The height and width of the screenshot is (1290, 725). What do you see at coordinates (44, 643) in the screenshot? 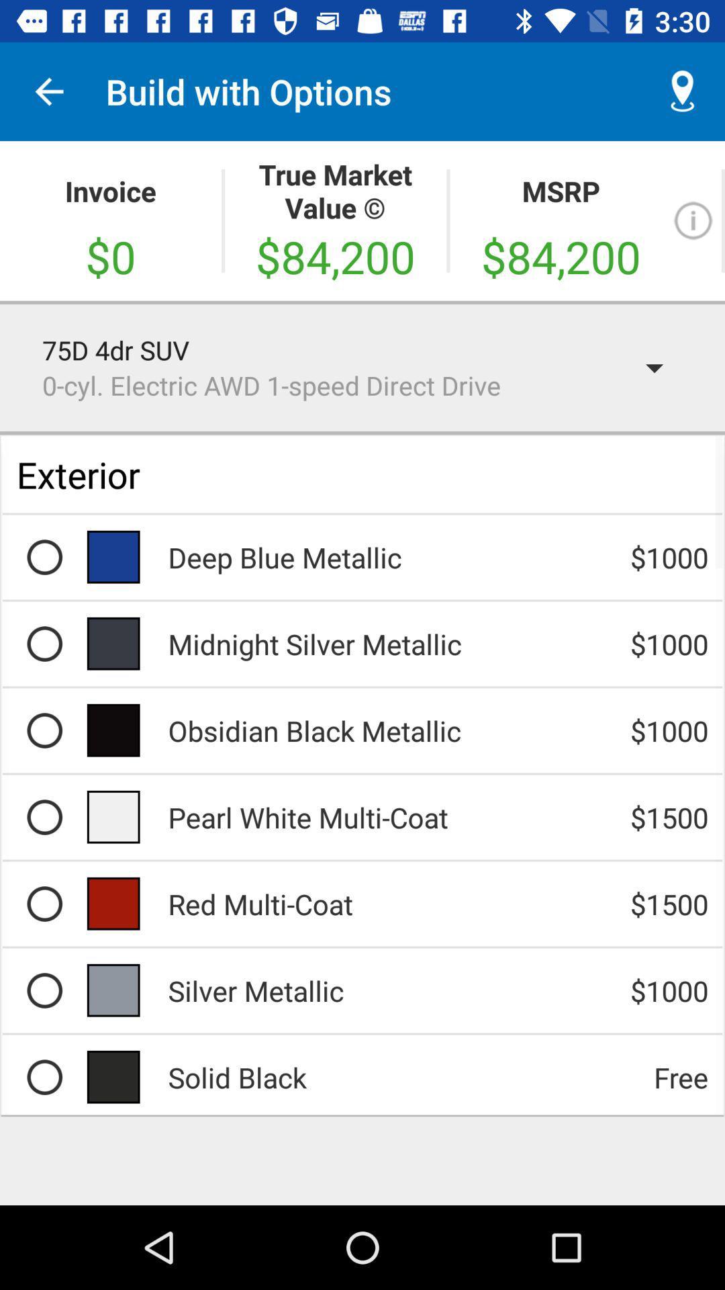
I see `midnight silver` at bounding box center [44, 643].